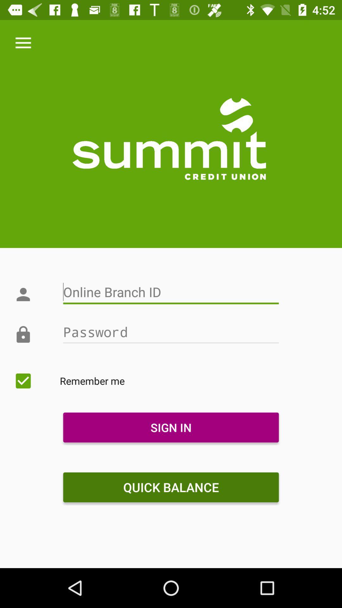 This screenshot has height=608, width=342. Describe the element at coordinates (171, 427) in the screenshot. I see `the icon above quick balance item` at that location.